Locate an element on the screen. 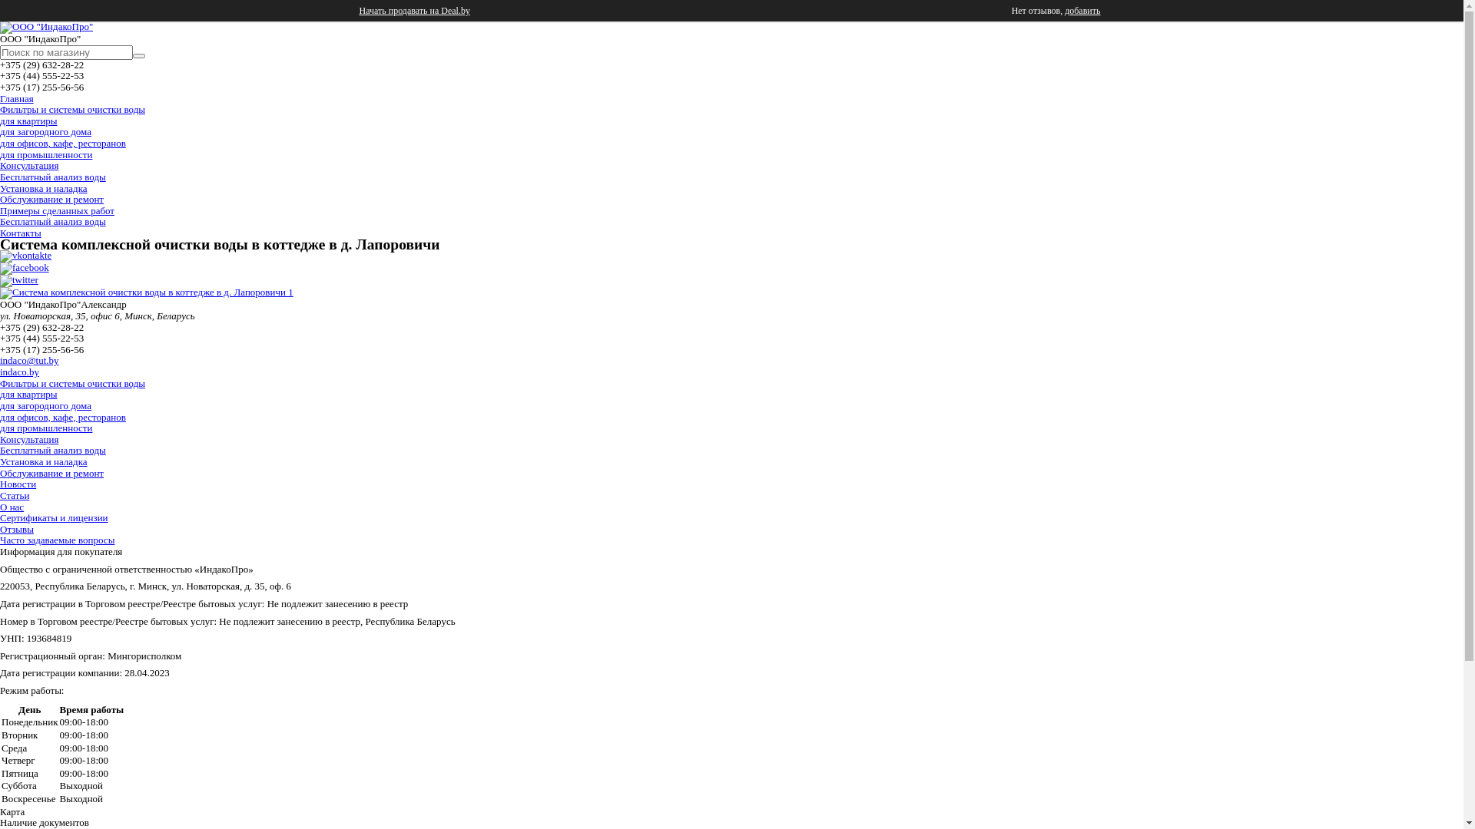 The width and height of the screenshot is (1475, 829). 'facebook' is located at coordinates (25, 266).